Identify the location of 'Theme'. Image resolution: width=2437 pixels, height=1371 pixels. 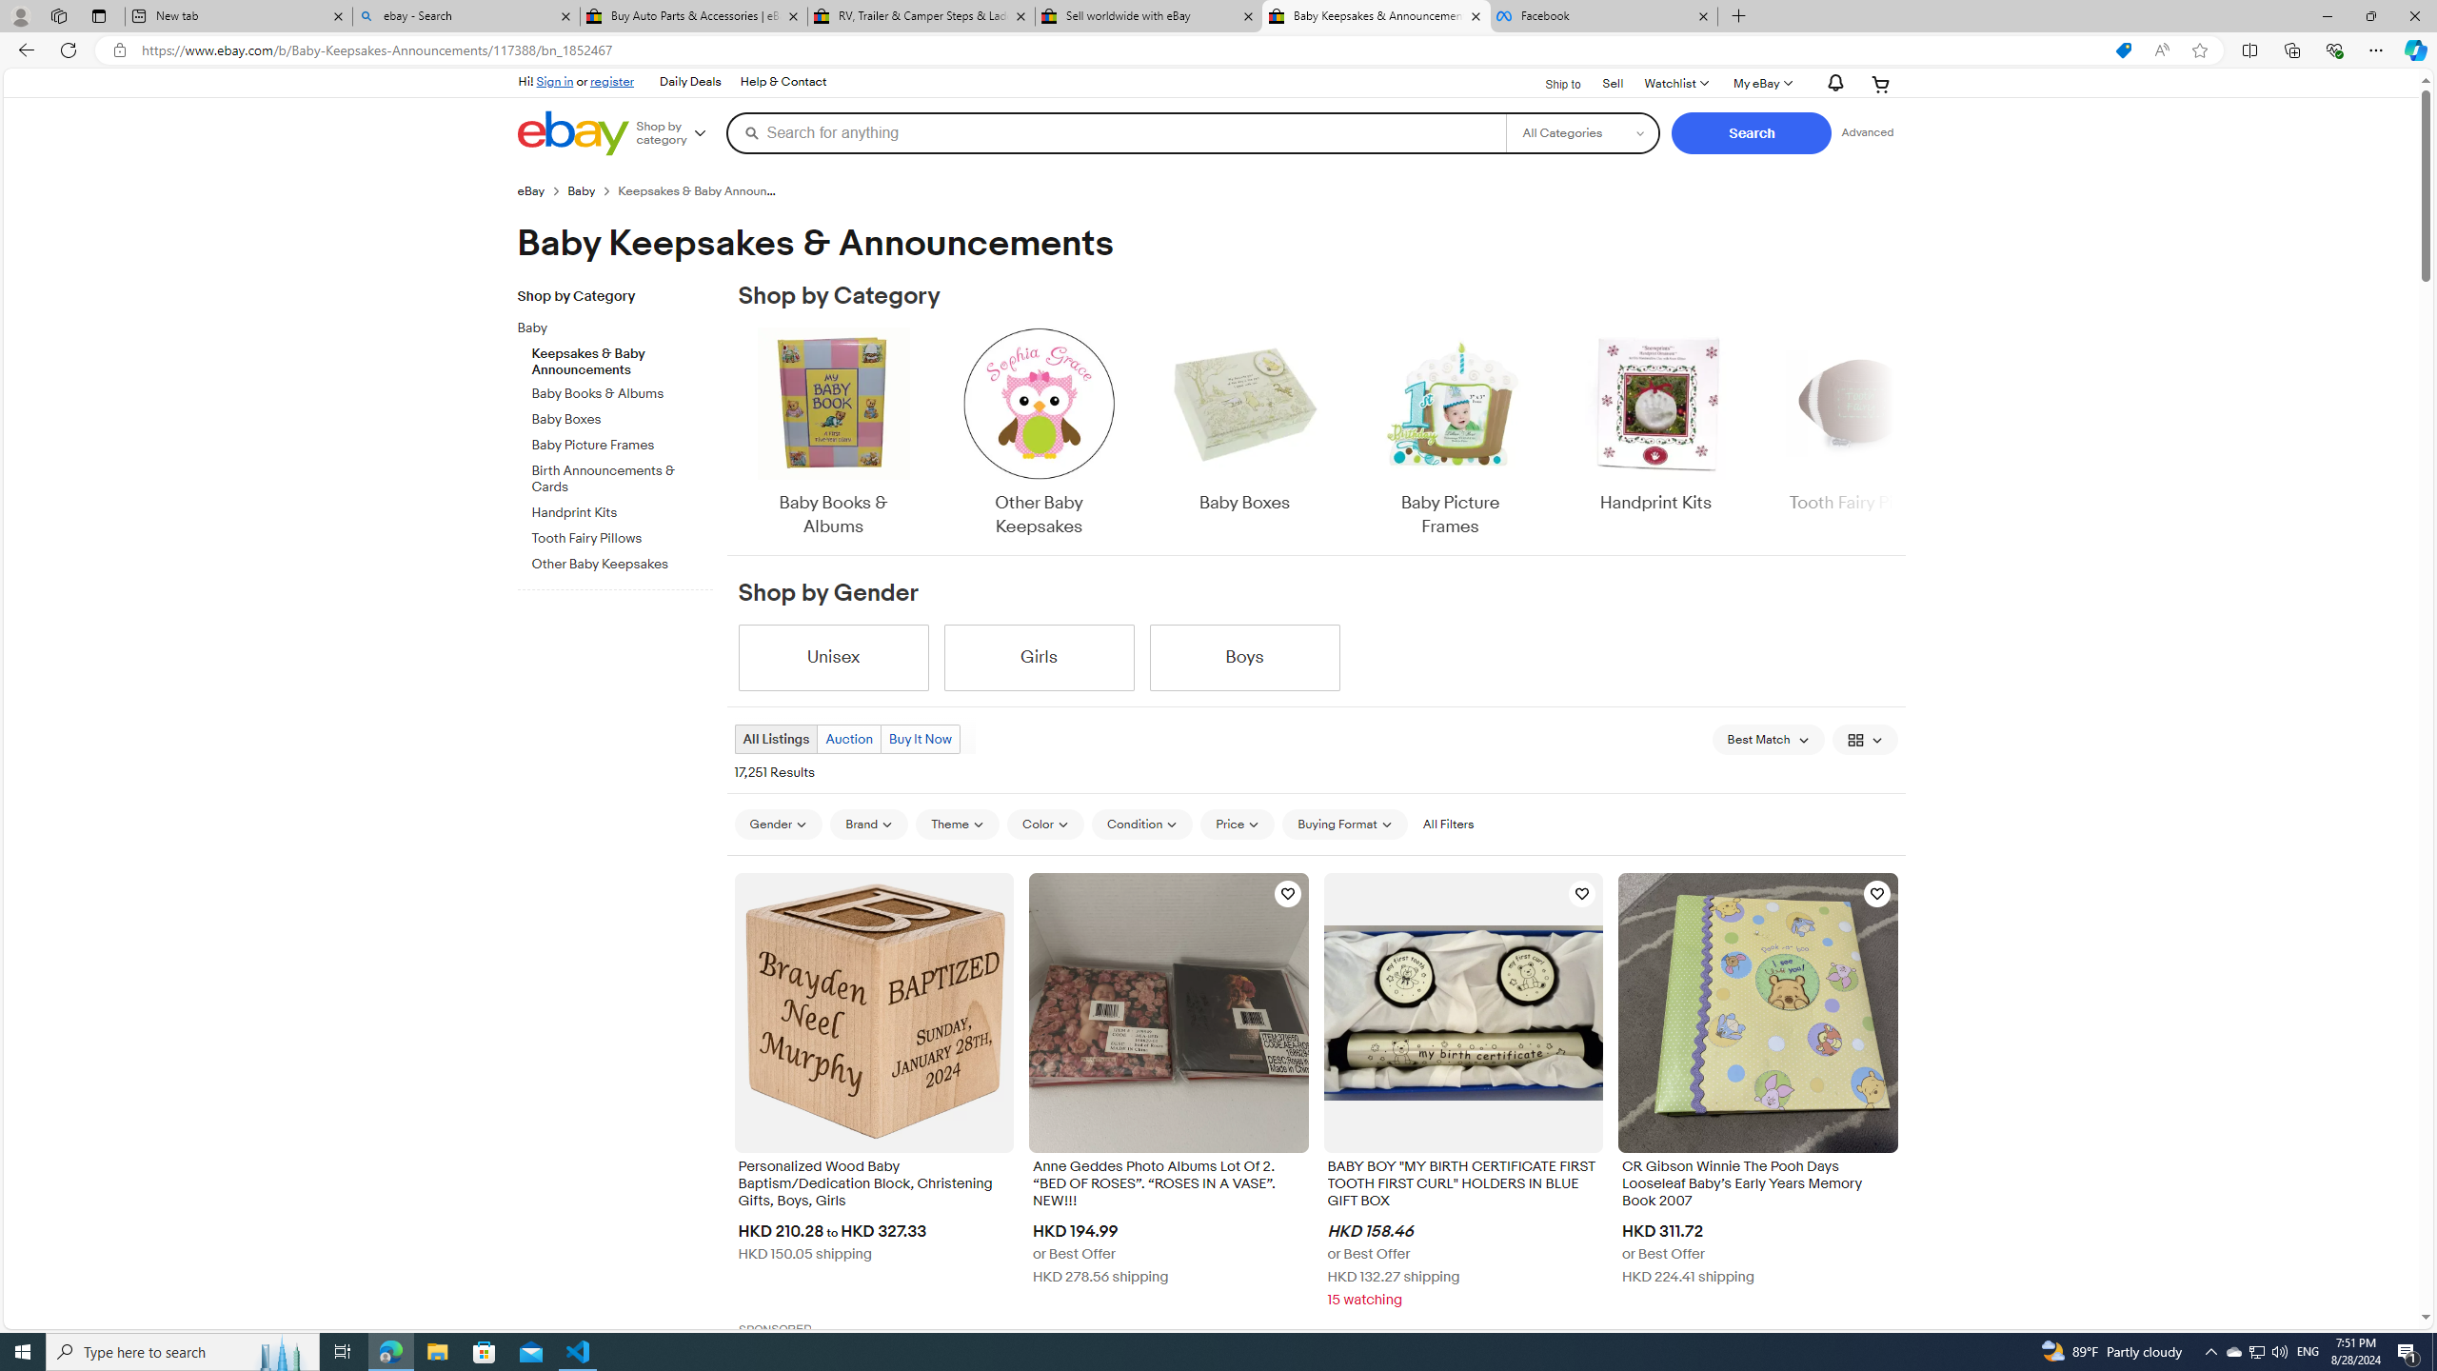
(958, 824).